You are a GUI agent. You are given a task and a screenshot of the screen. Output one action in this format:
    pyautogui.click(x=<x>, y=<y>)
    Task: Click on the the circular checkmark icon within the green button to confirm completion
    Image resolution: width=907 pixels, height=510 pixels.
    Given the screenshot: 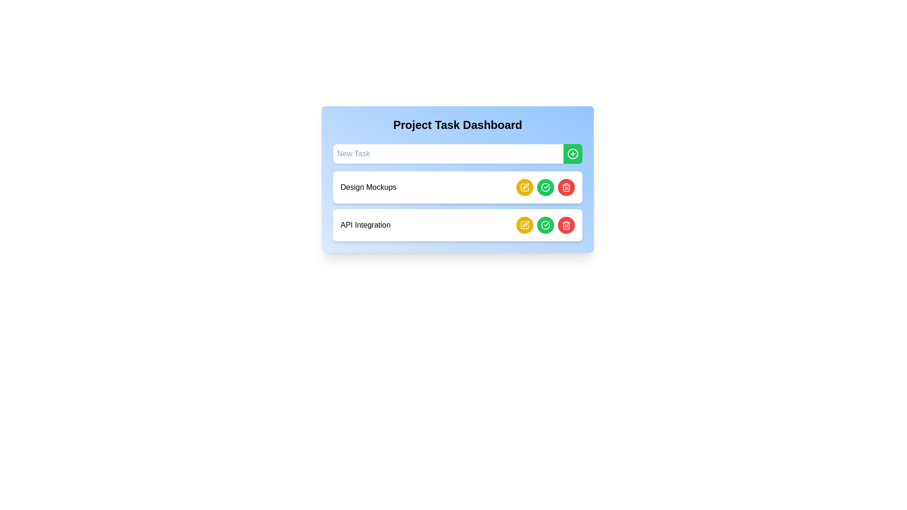 What is the action you would take?
    pyautogui.click(x=546, y=225)
    